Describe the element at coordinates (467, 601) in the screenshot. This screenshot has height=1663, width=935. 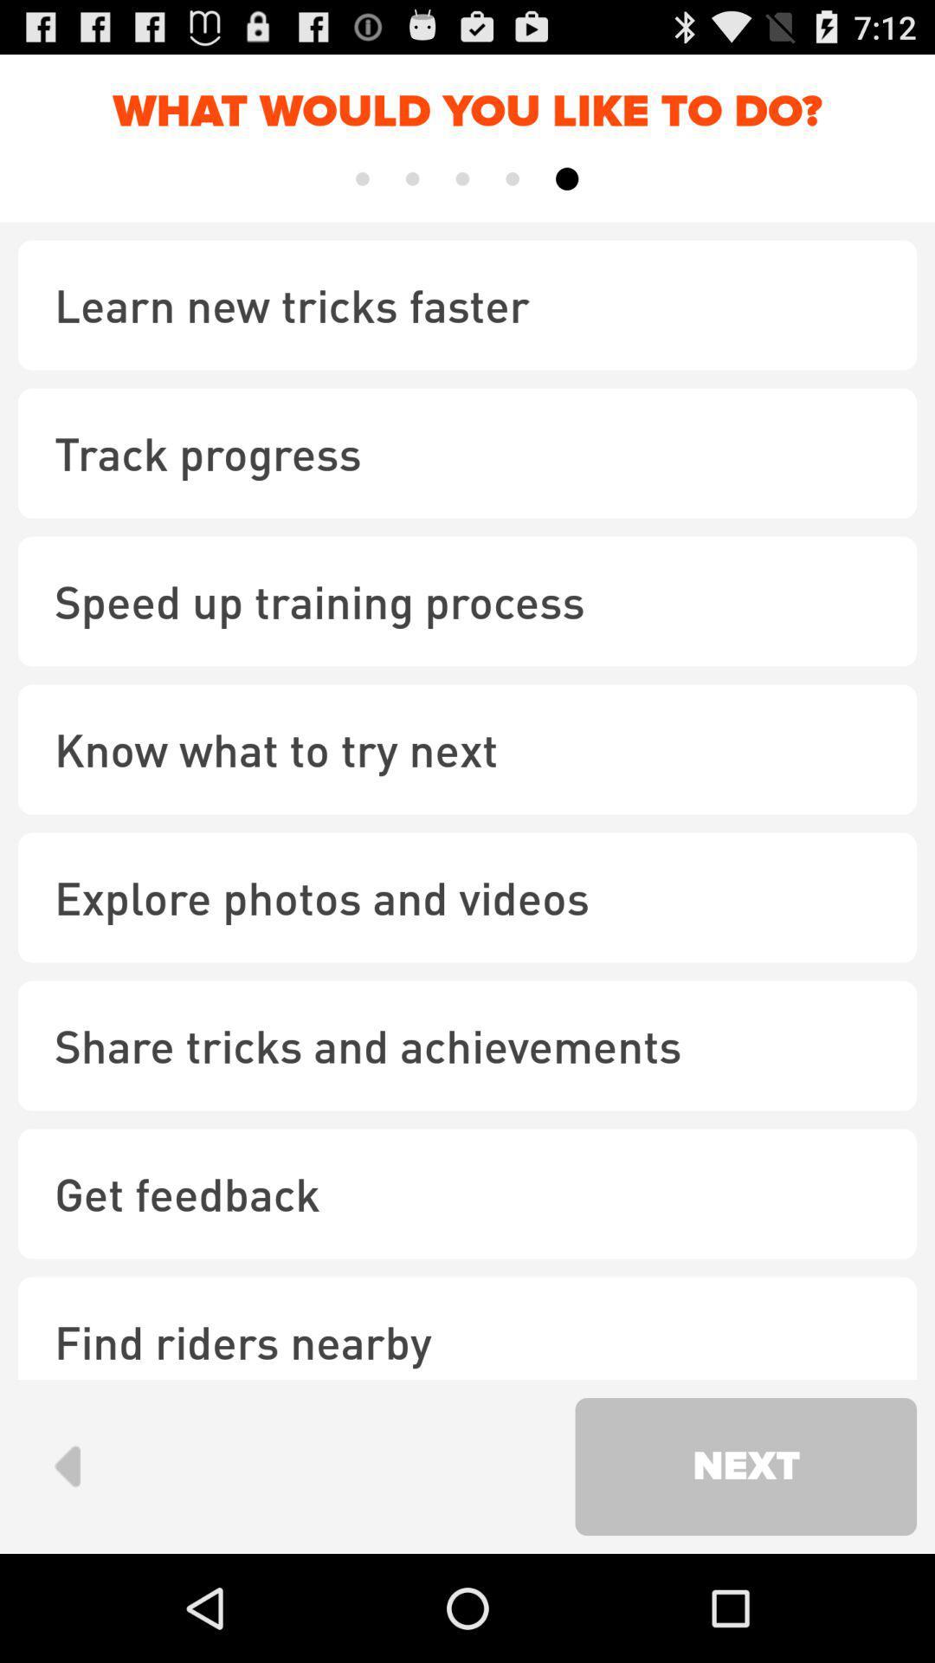
I see `the speed up training icon` at that location.